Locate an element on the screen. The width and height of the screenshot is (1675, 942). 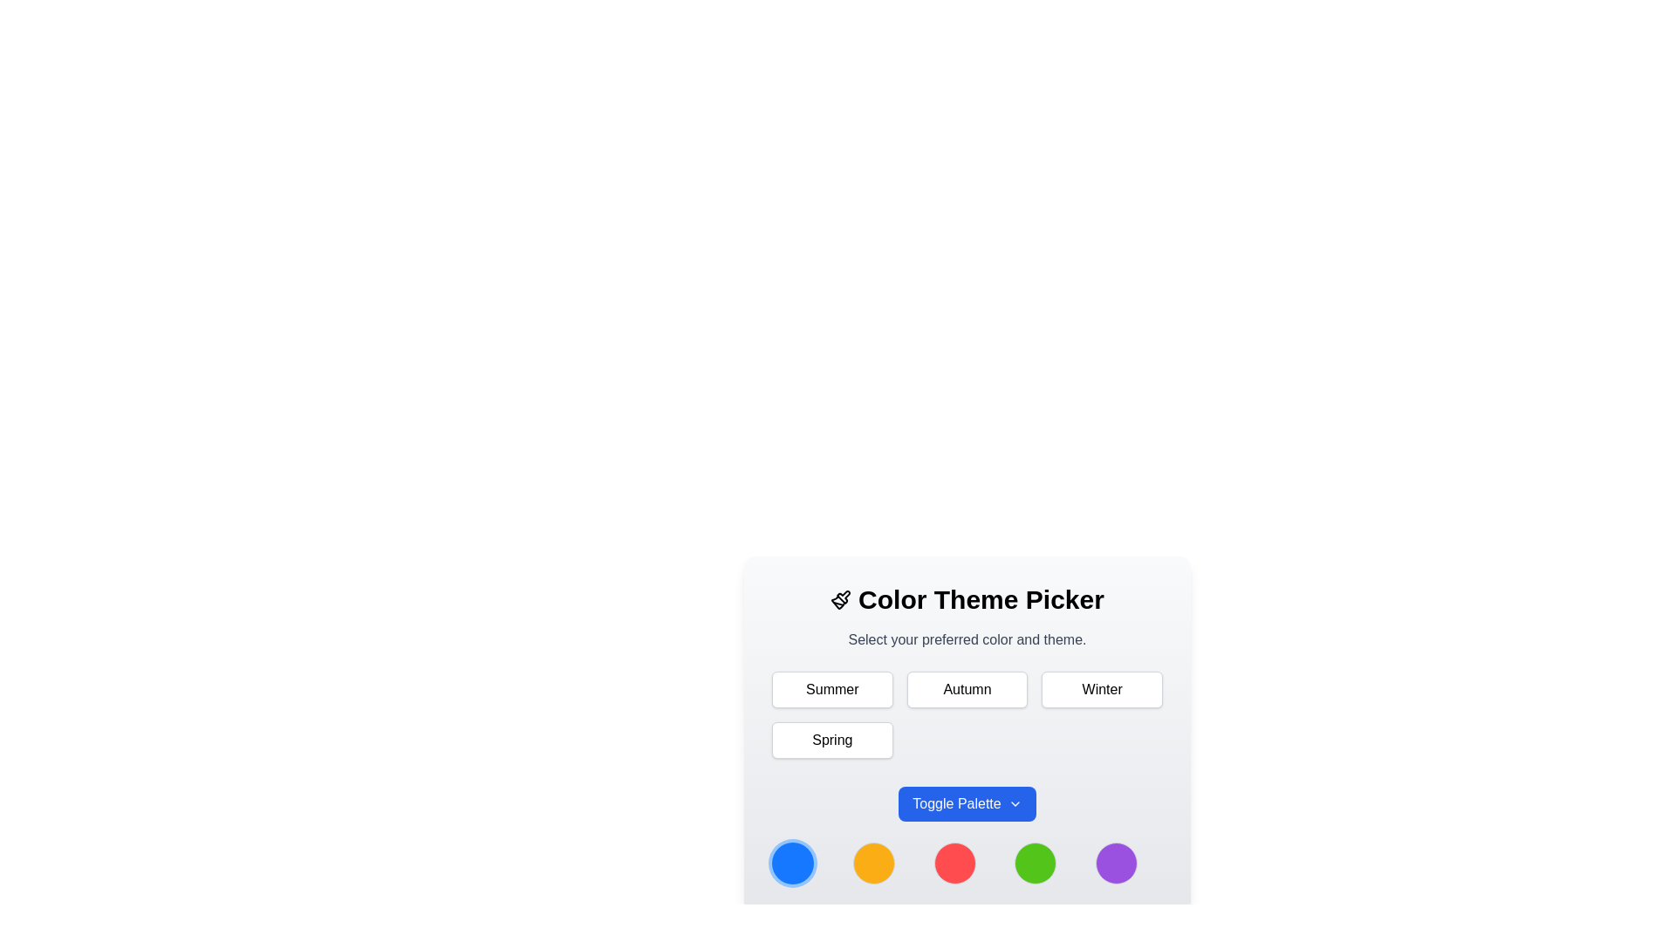
the third circular button in the color palette located at the center bottom area of the interface, under the 'Toggle Palette' button is located at coordinates (954, 863).